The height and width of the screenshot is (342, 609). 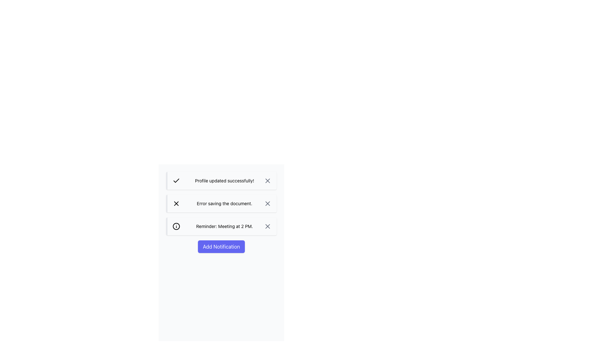 What do you see at coordinates (176, 204) in the screenshot?
I see `the diagonal cross-shaped button located in the upper-right corner of the middle notification card displaying 'Error saving the document'` at bounding box center [176, 204].